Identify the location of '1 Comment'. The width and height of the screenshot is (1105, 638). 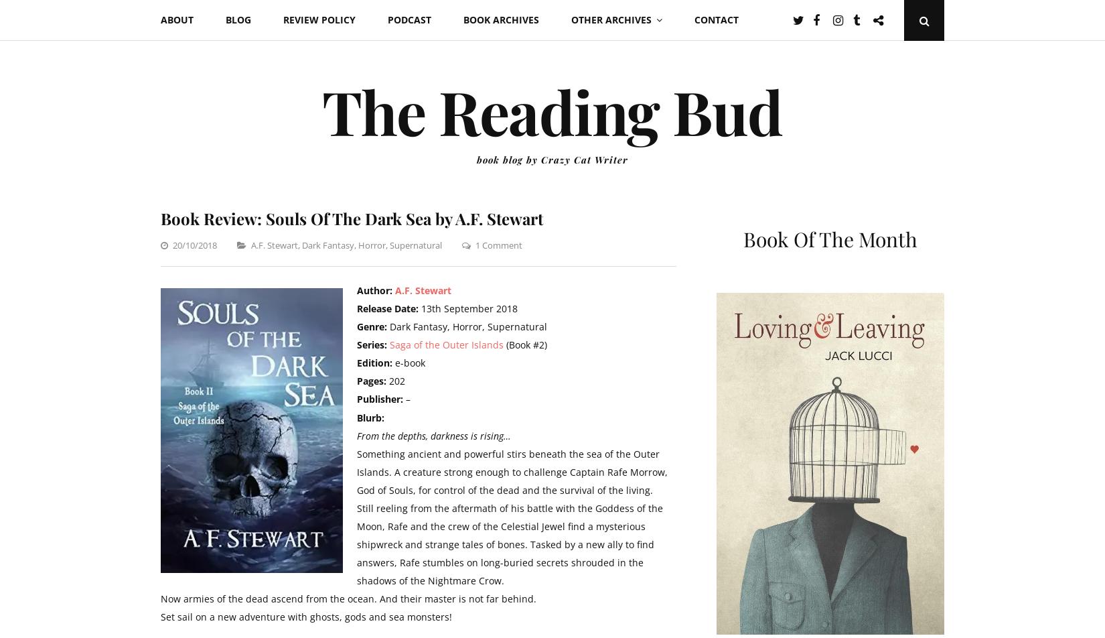
(474, 245).